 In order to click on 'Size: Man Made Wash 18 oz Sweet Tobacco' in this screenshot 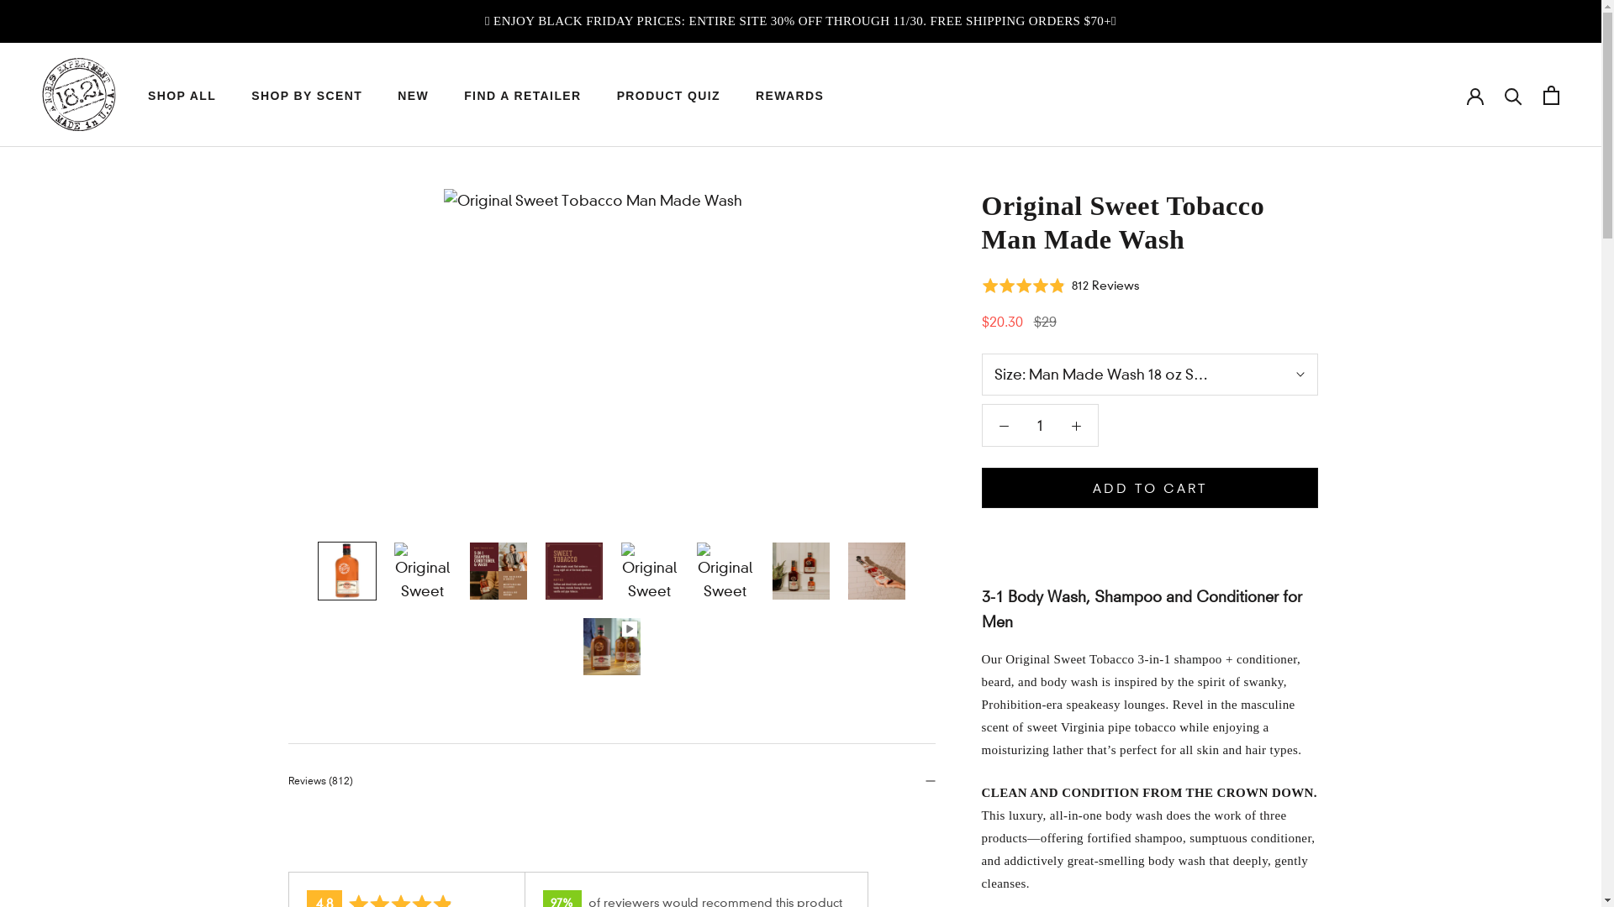, I will do `click(1149, 374)`.